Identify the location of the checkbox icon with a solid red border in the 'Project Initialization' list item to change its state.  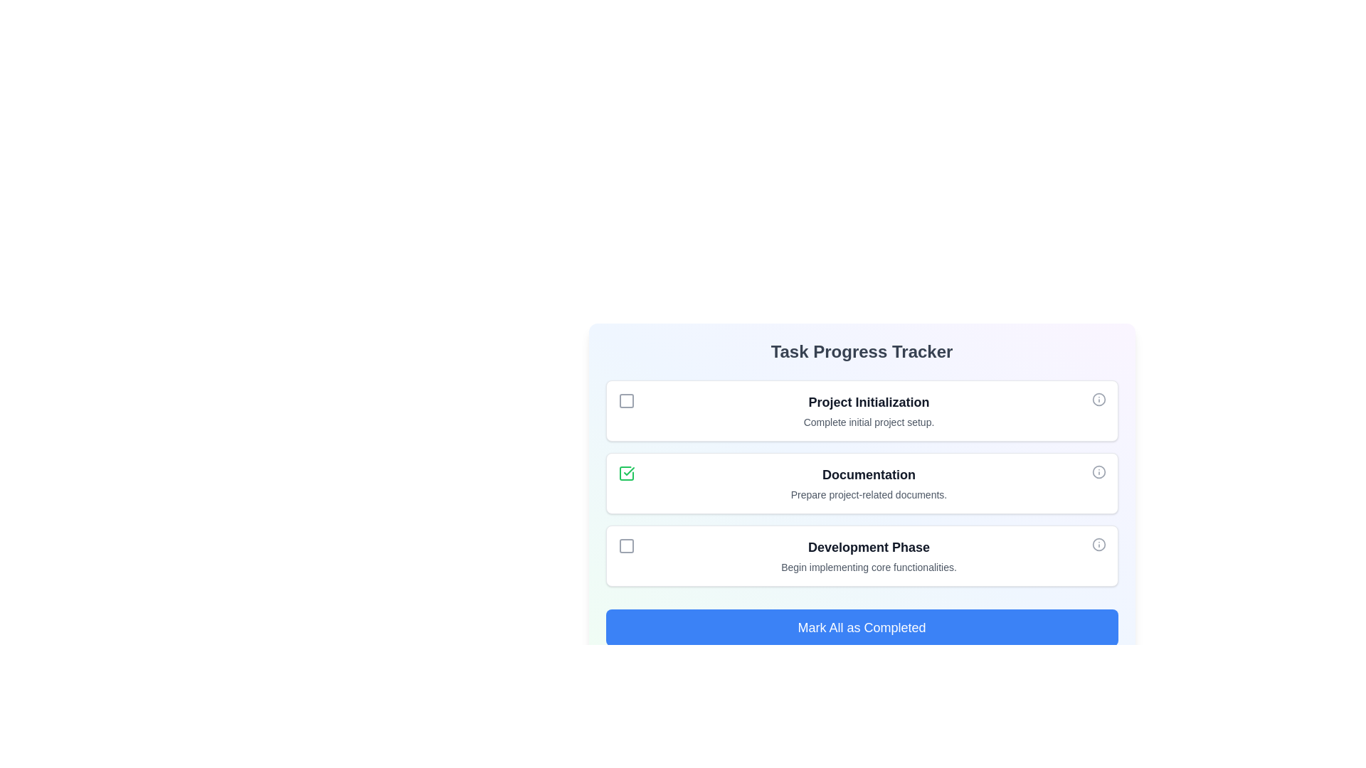
(626, 400).